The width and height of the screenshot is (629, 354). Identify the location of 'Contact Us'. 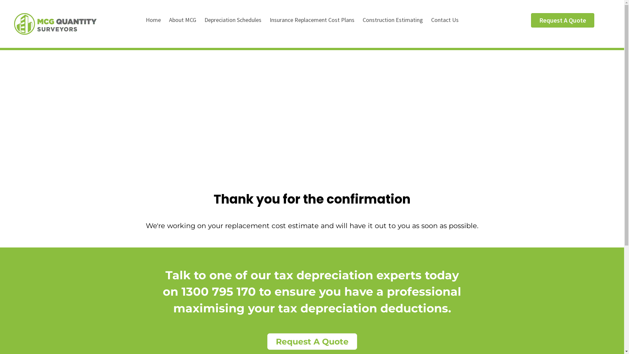
(448, 19).